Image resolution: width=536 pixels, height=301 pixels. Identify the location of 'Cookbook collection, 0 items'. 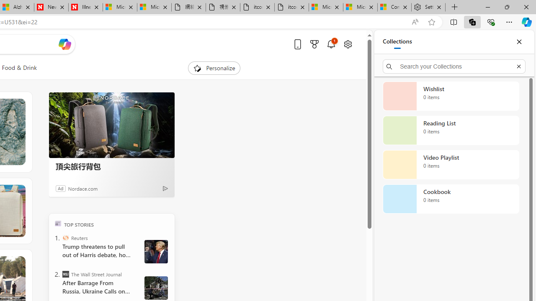
(451, 199).